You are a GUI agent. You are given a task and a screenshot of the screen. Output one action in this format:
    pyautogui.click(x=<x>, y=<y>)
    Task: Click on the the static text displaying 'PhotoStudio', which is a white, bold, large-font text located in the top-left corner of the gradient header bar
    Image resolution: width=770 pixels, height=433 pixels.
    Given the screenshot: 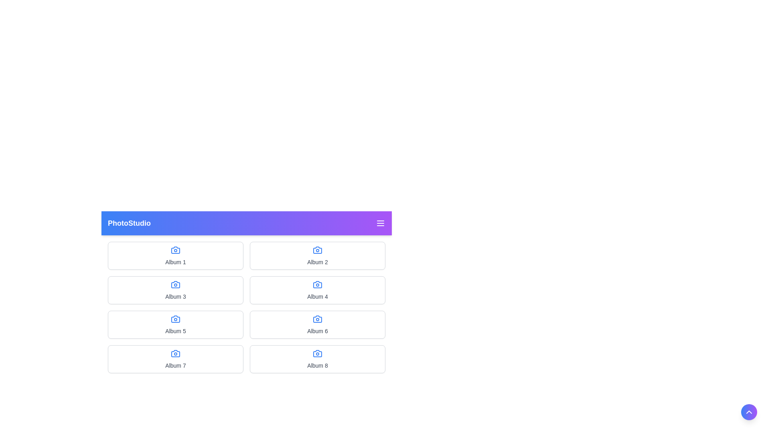 What is the action you would take?
    pyautogui.click(x=129, y=223)
    